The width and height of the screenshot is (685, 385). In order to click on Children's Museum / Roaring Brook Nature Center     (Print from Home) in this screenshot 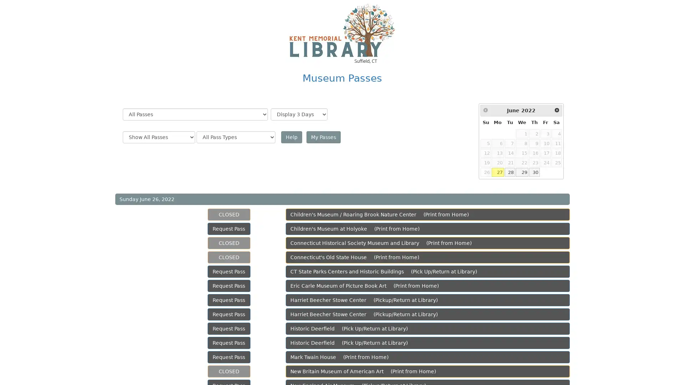, I will do `click(427, 214)`.